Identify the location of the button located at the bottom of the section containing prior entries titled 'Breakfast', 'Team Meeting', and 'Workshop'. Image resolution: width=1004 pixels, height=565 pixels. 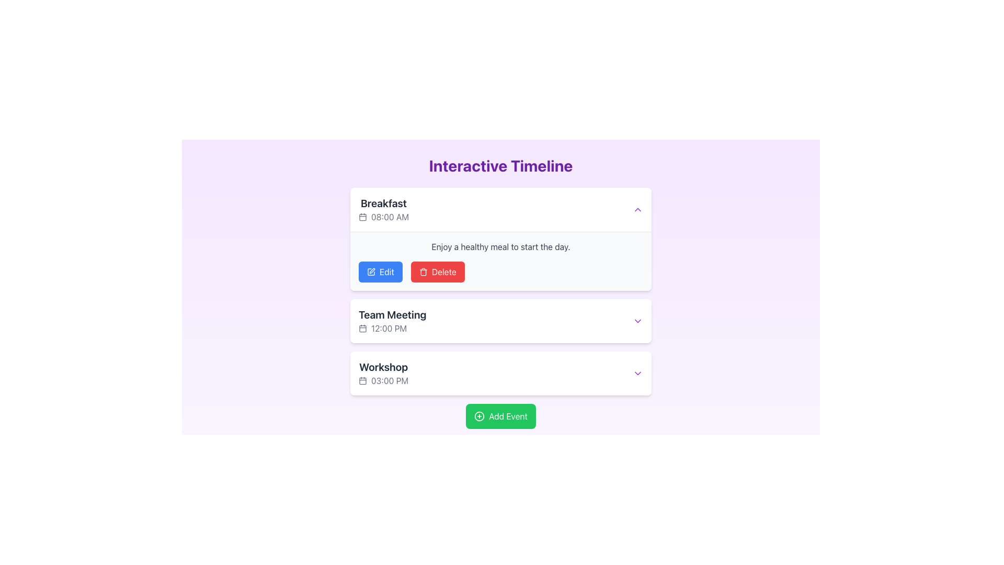
(500, 415).